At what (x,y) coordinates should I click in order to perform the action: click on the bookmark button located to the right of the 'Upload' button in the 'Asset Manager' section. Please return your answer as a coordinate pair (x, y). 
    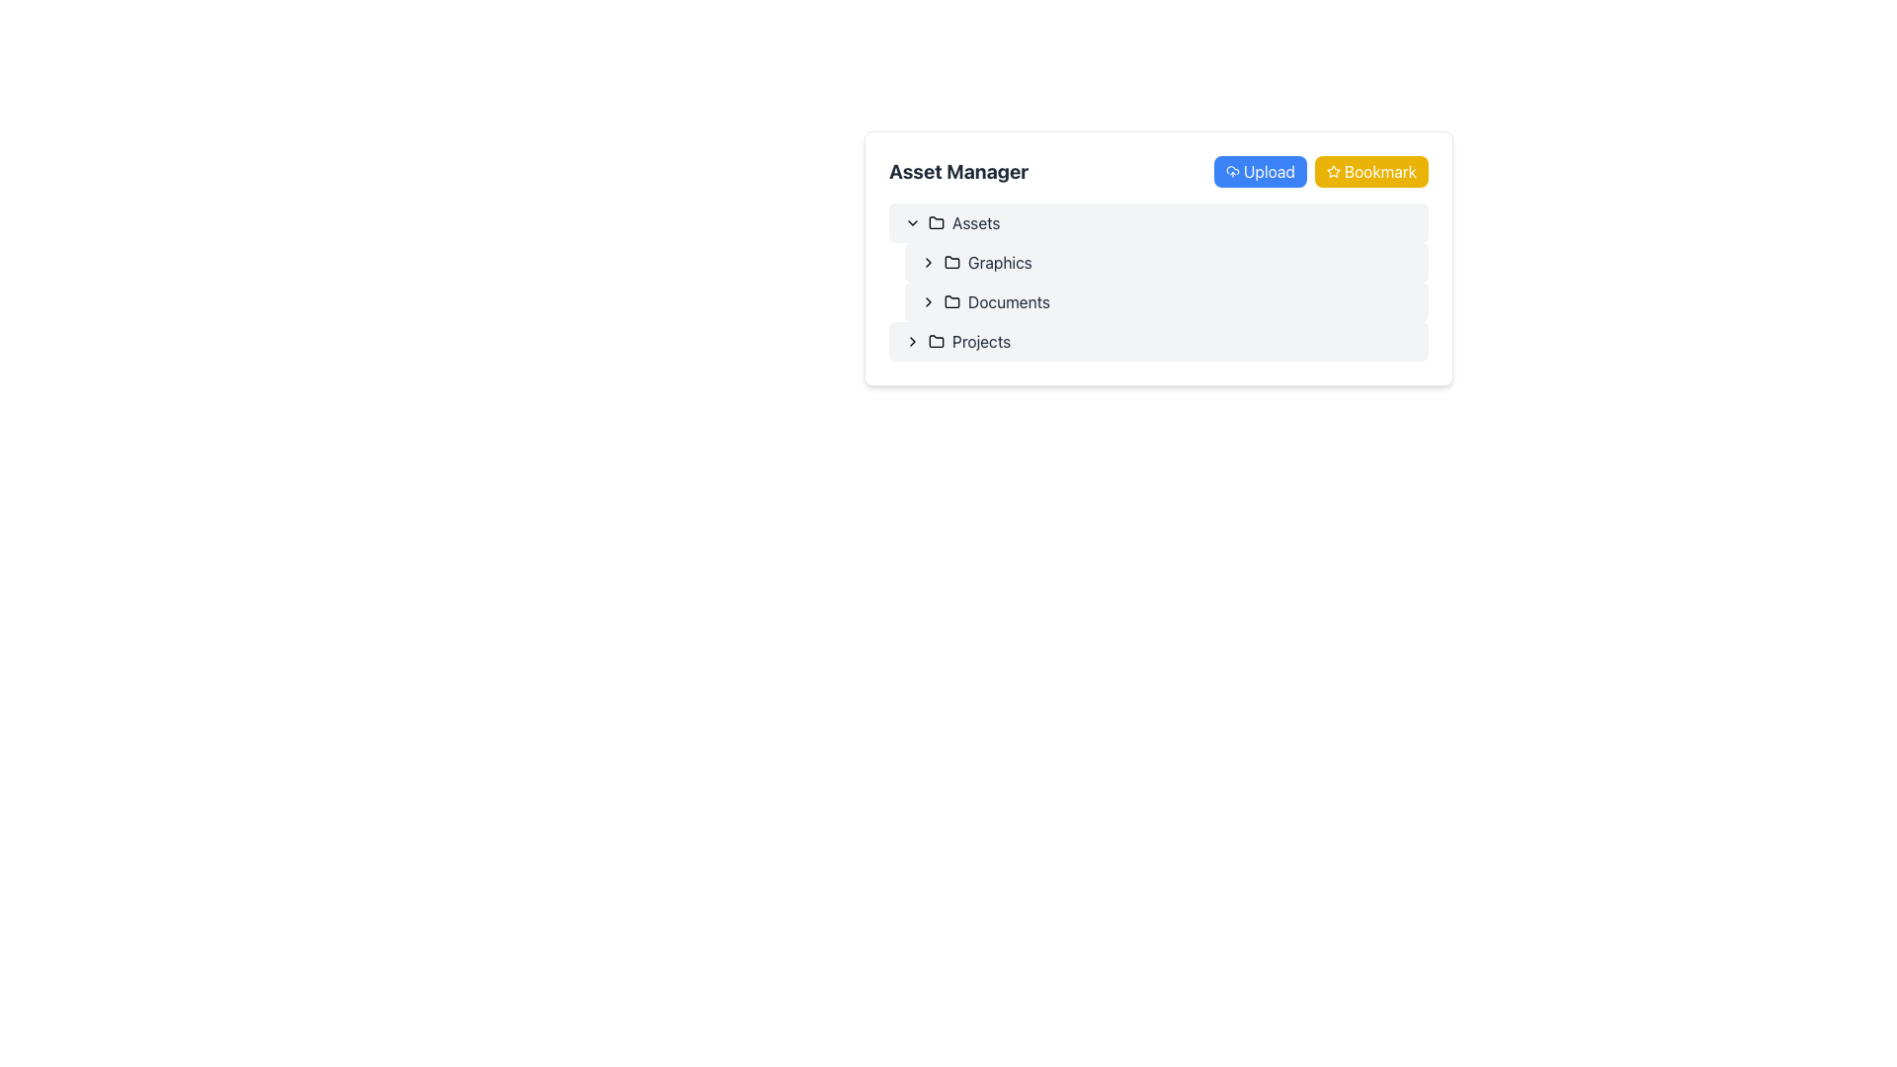
    Looking at the image, I should click on (1321, 170).